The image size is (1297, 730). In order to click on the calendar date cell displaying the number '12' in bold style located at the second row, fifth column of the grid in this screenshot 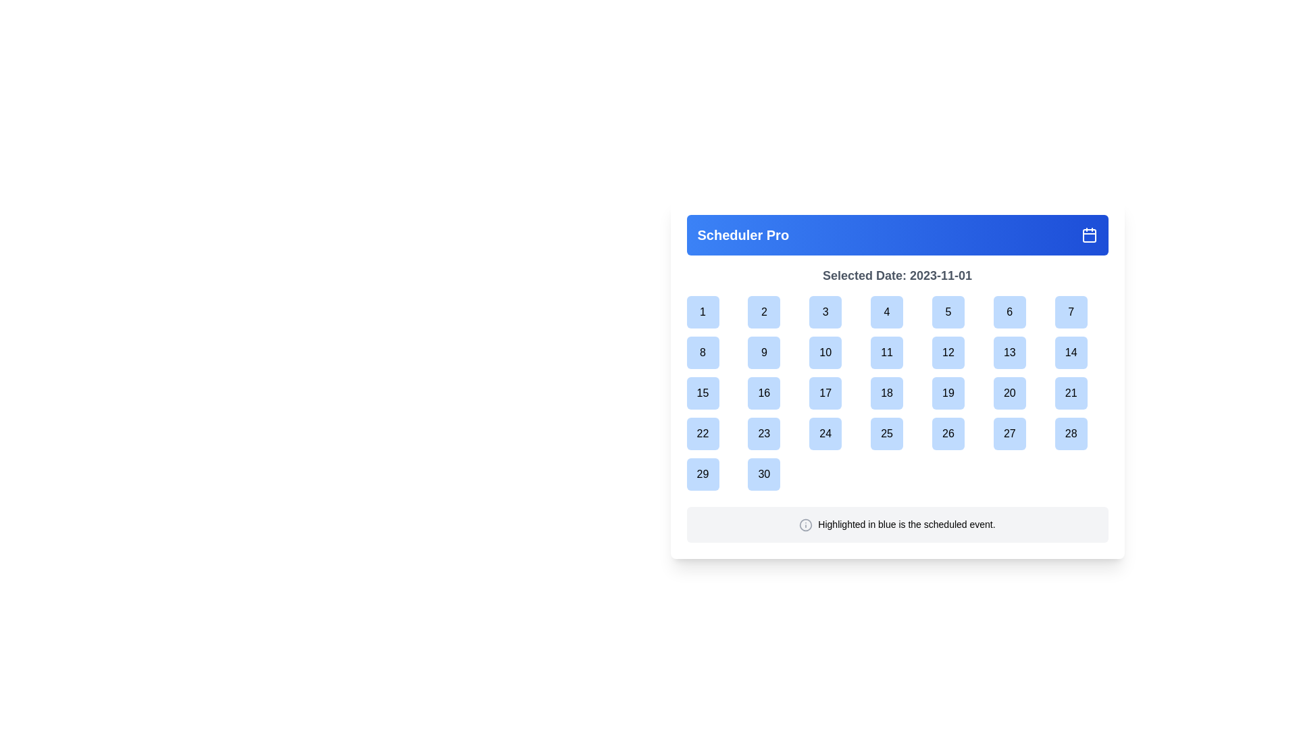, I will do `click(958, 351)`.